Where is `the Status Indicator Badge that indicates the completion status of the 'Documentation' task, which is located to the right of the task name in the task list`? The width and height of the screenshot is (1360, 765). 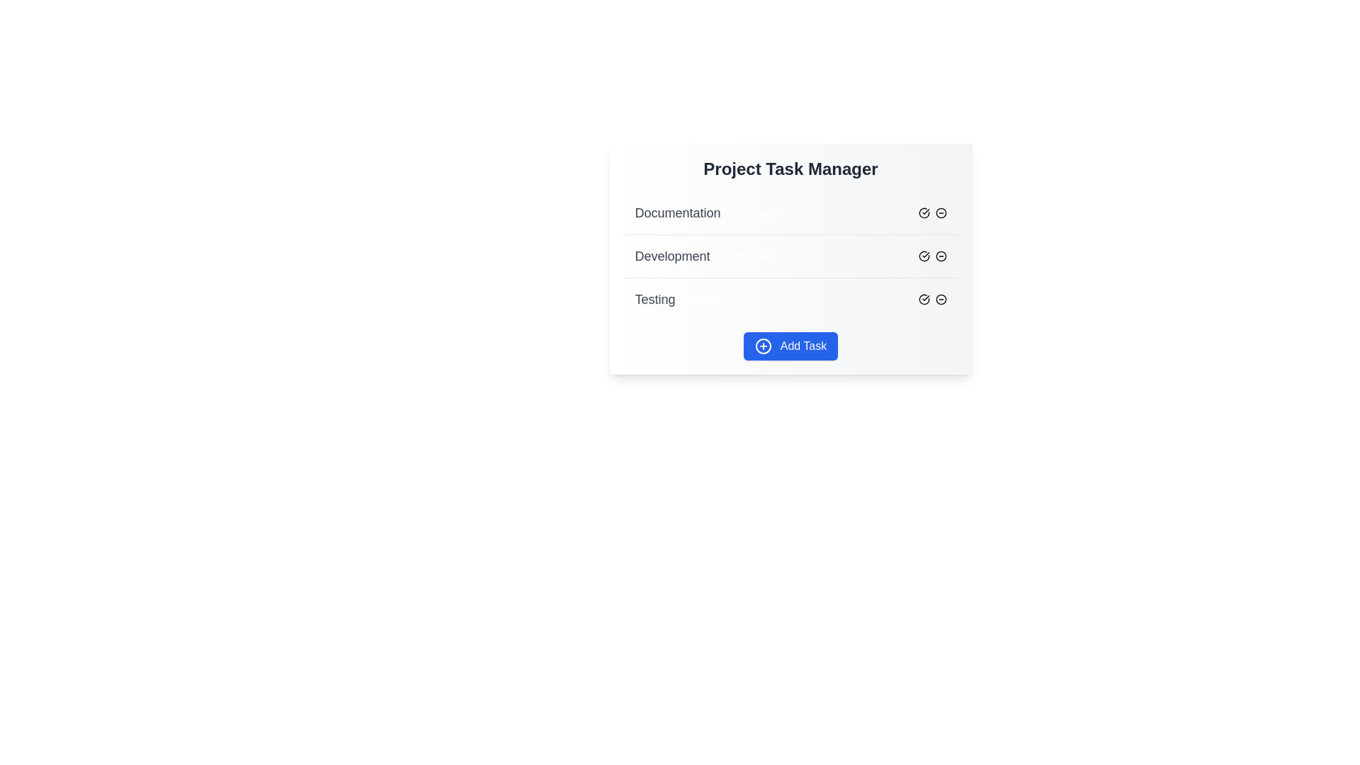
the Status Indicator Badge that indicates the completion status of the 'Documentation' task, which is located to the right of the task name in the task list is located at coordinates (758, 212).